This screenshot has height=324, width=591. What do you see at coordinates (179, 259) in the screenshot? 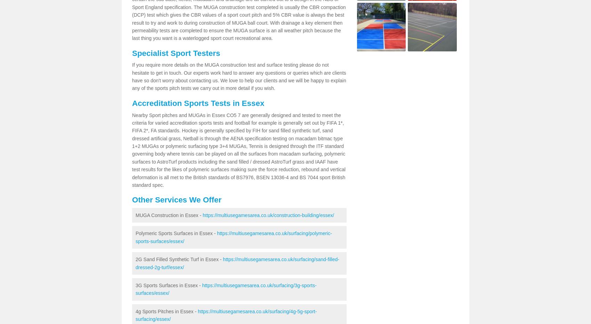
I see `'2G Sand Filled Synthetic Turf in Essex -'` at bounding box center [179, 259].